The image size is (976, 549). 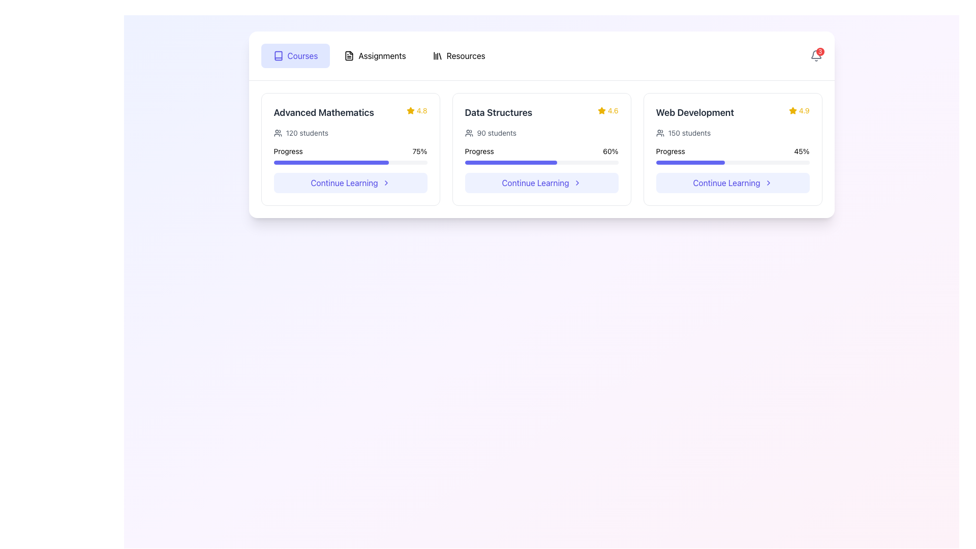 I want to click on the 'Progress' label located in the 'Web Development' course card, positioned above the progress bar and next to the '45%' percentage indicator, so click(x=670, y=151).